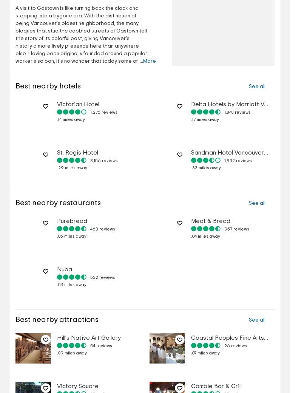 The width and height of the screenshot is (304, 393). I want to click on '1,276 reviews', so click(103, 112).